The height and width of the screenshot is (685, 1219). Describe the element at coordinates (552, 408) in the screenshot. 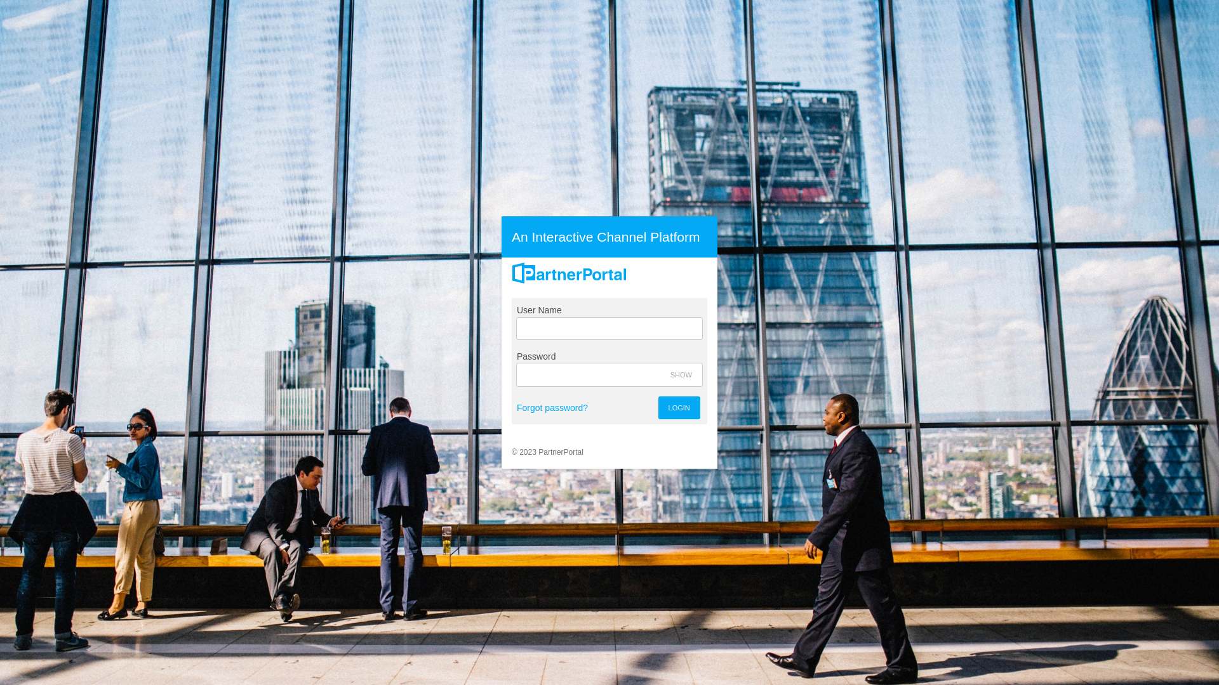

I see `'Forgot password?'` at that location.